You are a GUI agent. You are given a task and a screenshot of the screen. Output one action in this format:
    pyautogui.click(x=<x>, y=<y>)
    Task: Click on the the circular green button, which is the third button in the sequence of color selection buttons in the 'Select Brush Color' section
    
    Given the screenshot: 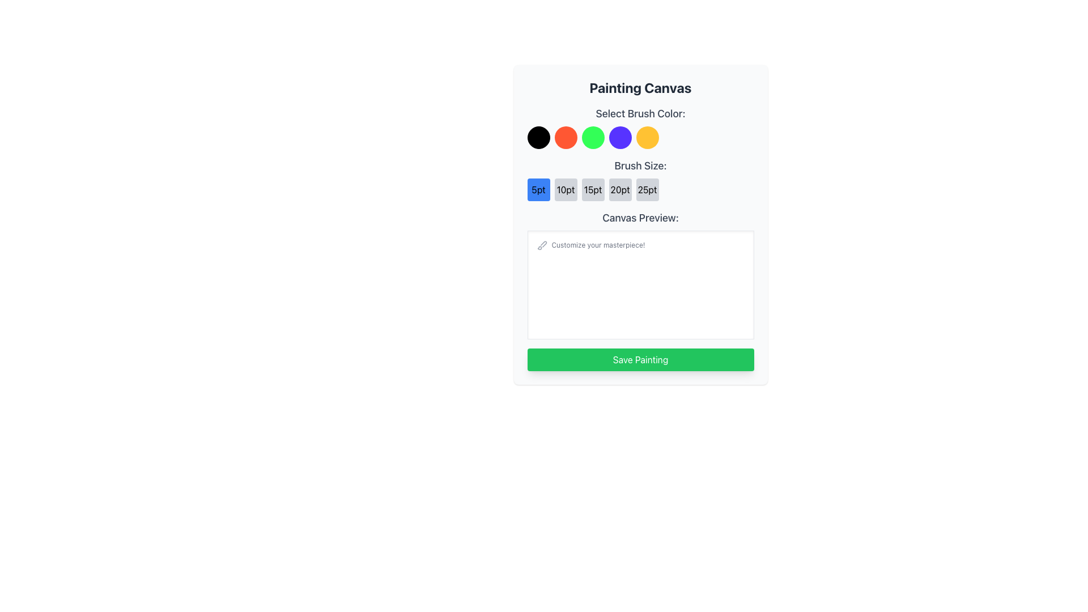 What is the action you would take?
    pyautogui.click(x=592, y=137)
    